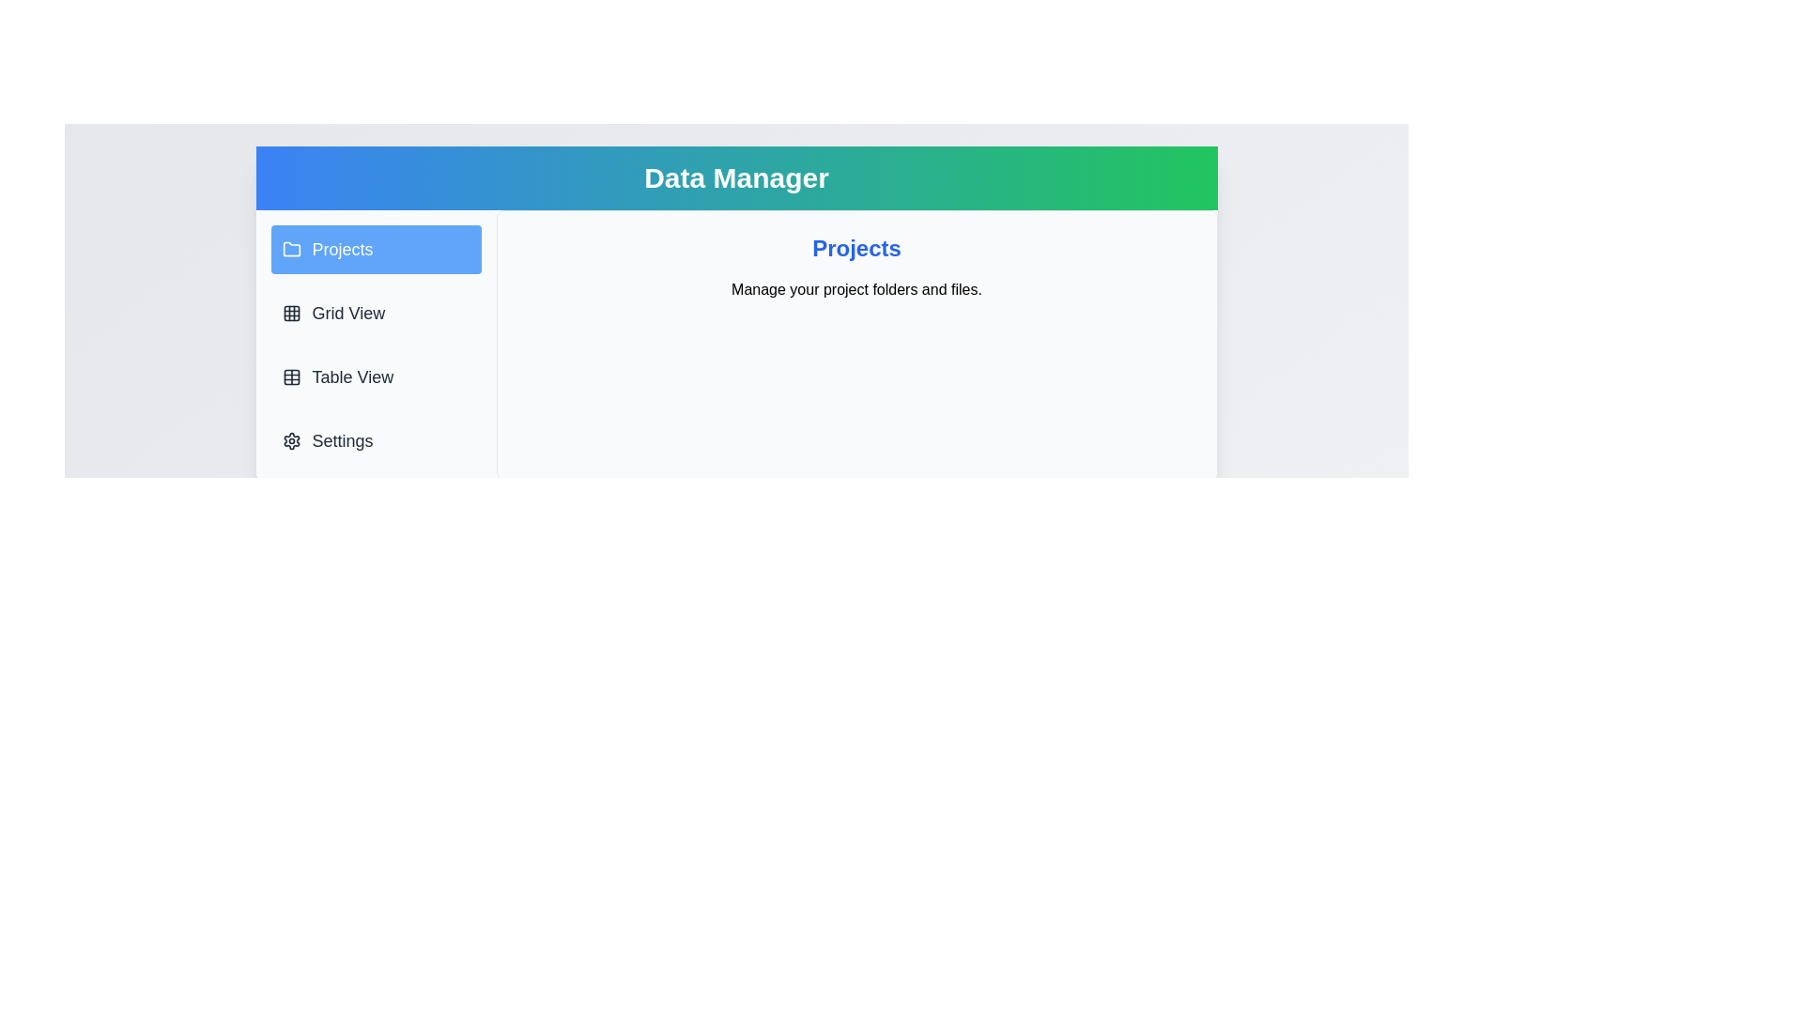  What do you see at coordinates (376, 441) in the screenshot?
I see `the tab labeled Settings` at bounding box center [376, 441].